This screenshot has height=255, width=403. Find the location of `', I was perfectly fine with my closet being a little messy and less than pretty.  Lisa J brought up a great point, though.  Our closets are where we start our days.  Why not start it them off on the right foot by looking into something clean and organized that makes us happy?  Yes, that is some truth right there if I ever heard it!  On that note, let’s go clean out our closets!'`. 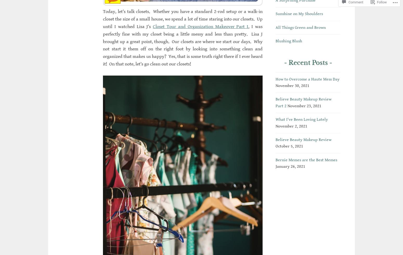

', I was perfectly fine with my closet being a little messy and less than pretty.  Lisa J brought up a great point, though.  Our closets are where we start our days.  Why not start it them off on the right foot by looking into something clean and organized that makes us happy?  Yes, that is some truth right there if I ever heard it!  On that note, let’s go clean out our closets!' is located at coordinates (183, 45).